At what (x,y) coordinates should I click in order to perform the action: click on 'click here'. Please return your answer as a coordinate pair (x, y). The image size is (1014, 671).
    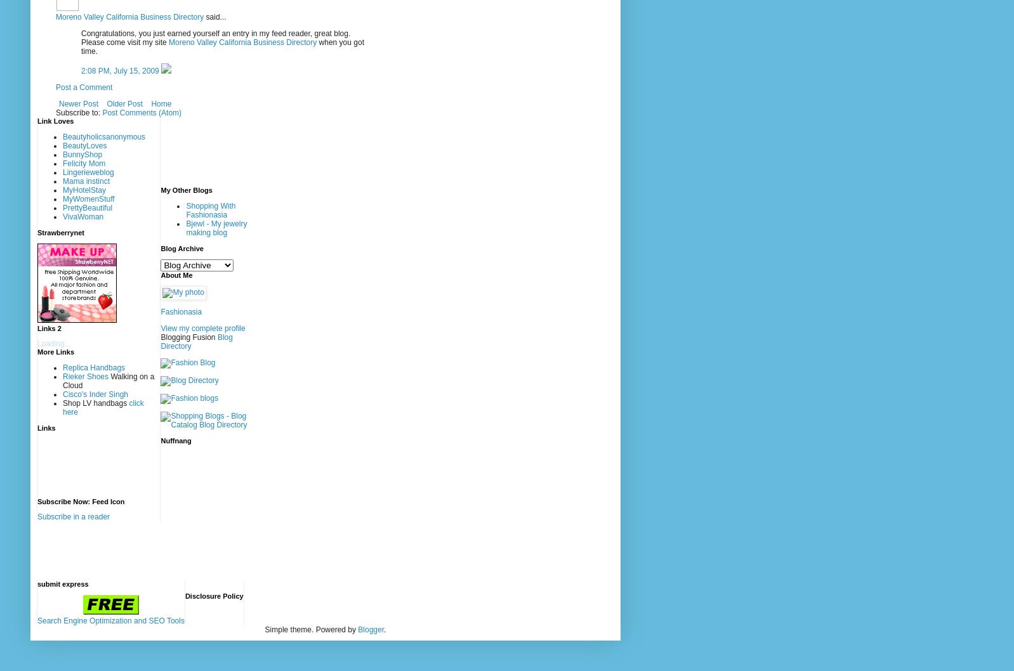
    Looking at the image, I should click on (102, 406).